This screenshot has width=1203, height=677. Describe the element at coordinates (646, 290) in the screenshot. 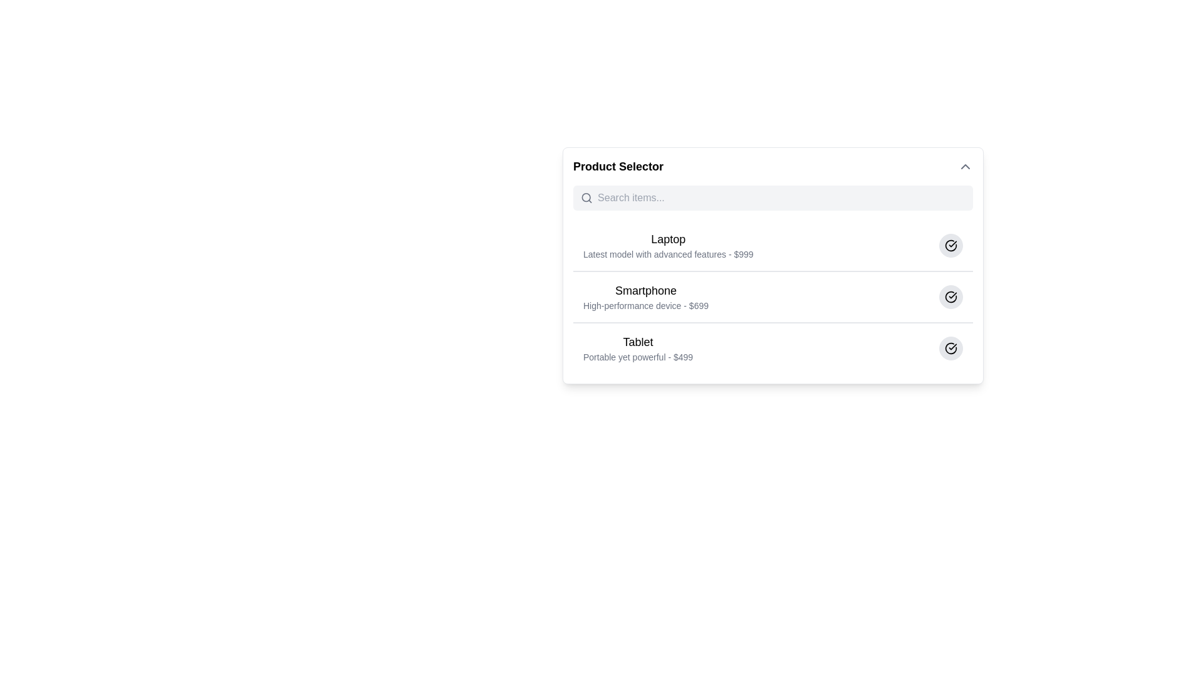

I see `the 'Smartphone' text label, which is the main title of the second product option, displayed in bold and larger font above the description 'High-performance device - $699'` at that location.